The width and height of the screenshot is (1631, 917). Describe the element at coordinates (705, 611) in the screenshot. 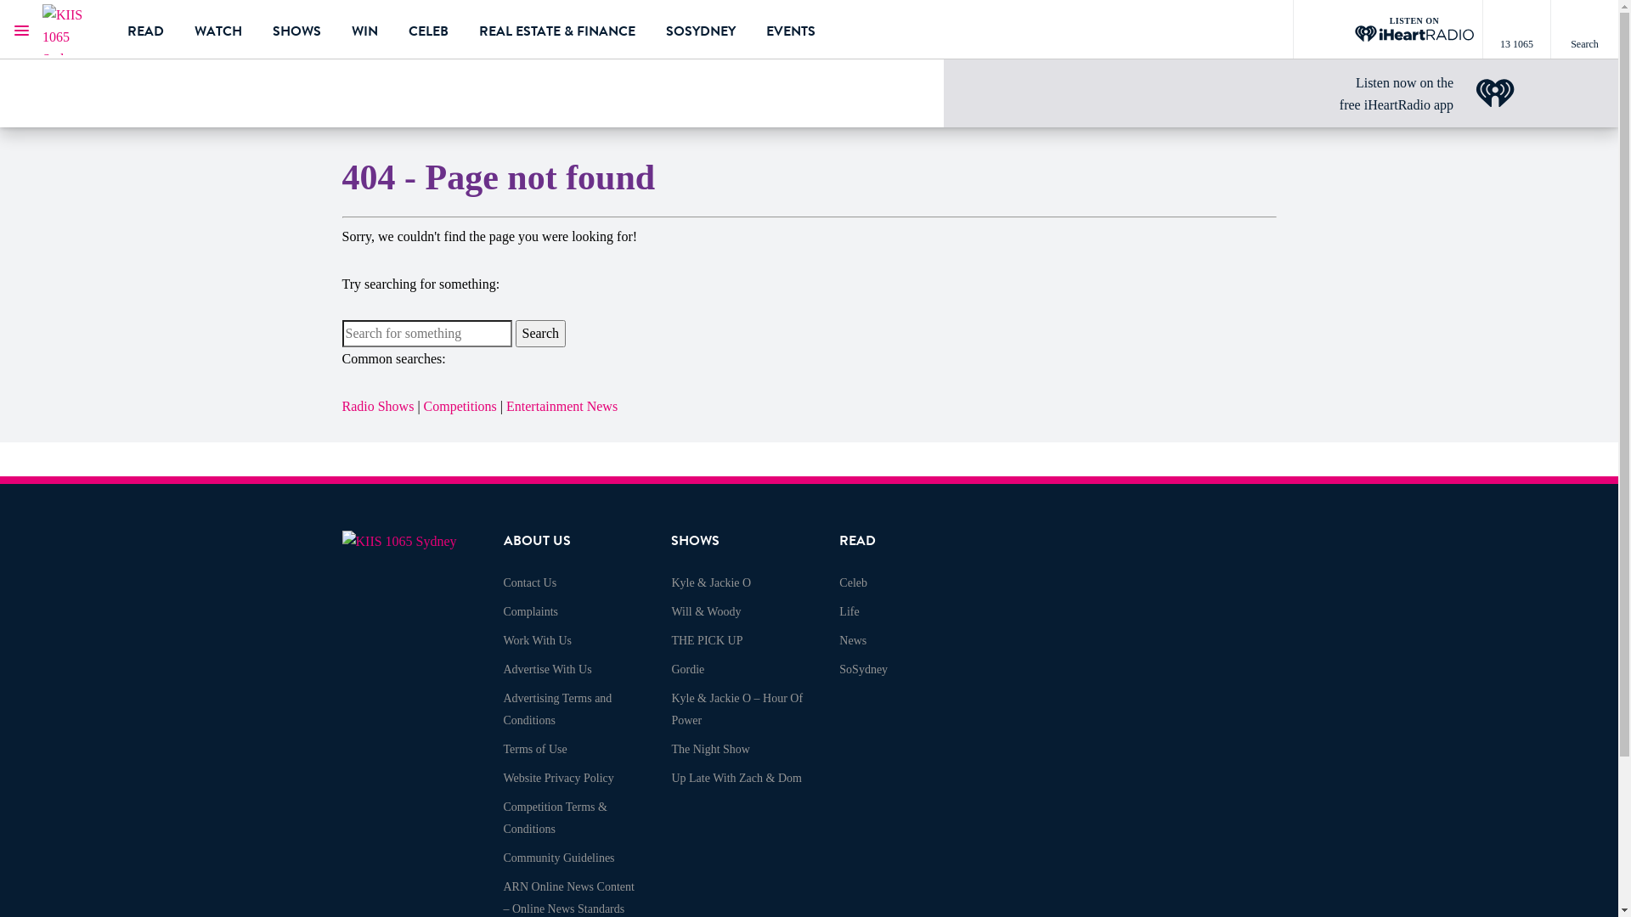

I see `'Will & Woody'` at that location.